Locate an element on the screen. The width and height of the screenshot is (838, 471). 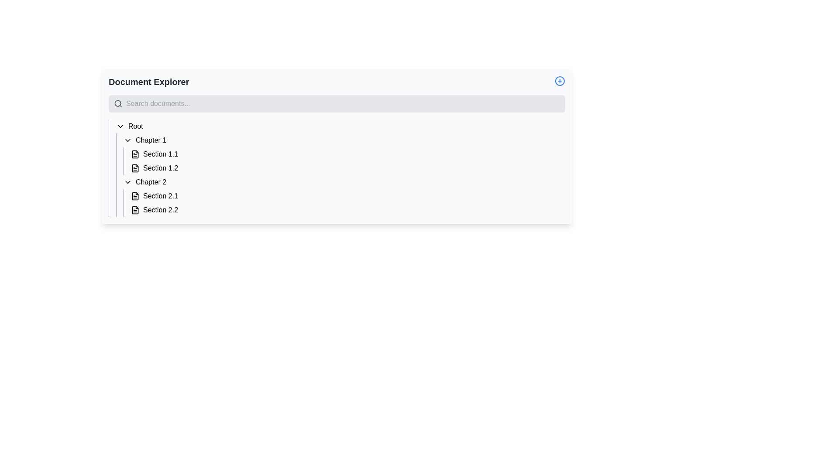
plain text label 'Section 1.2', which serves as a navigational cue for the document section is located at coordinates (161, 168).